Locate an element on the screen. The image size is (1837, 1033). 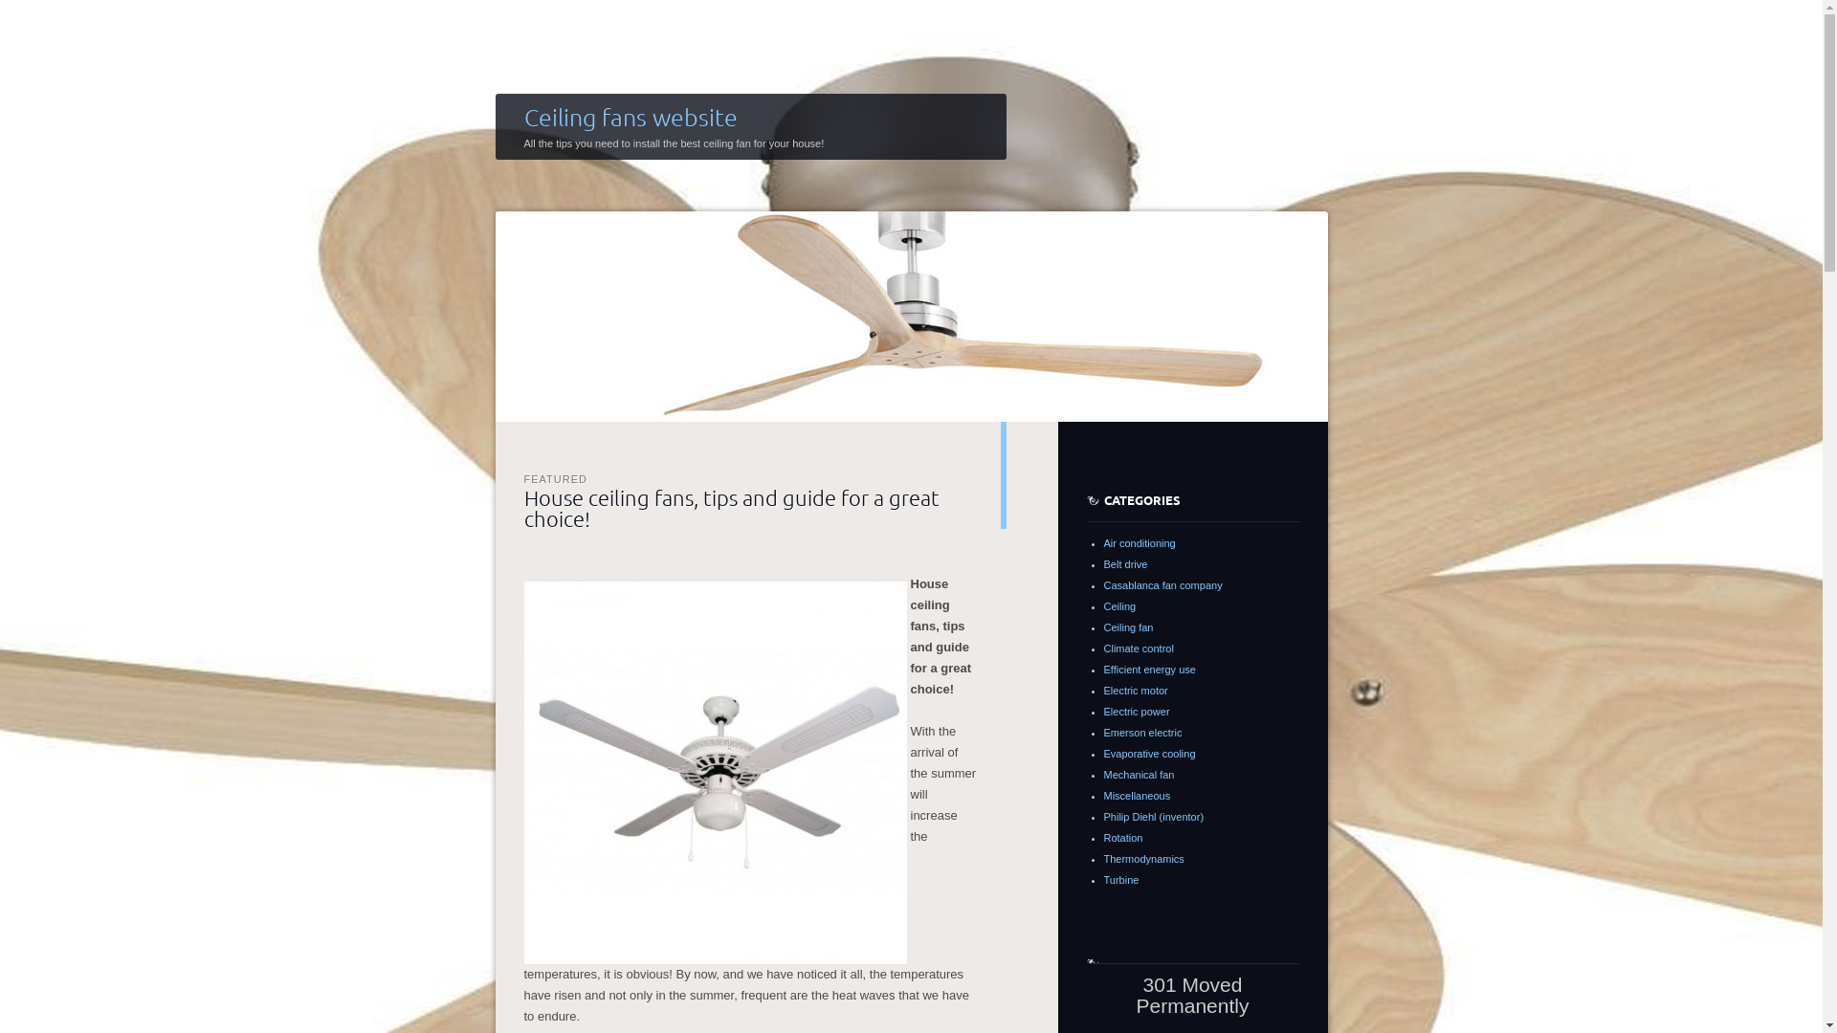
'Air conditioning' is located at coordinates (1140, 542).